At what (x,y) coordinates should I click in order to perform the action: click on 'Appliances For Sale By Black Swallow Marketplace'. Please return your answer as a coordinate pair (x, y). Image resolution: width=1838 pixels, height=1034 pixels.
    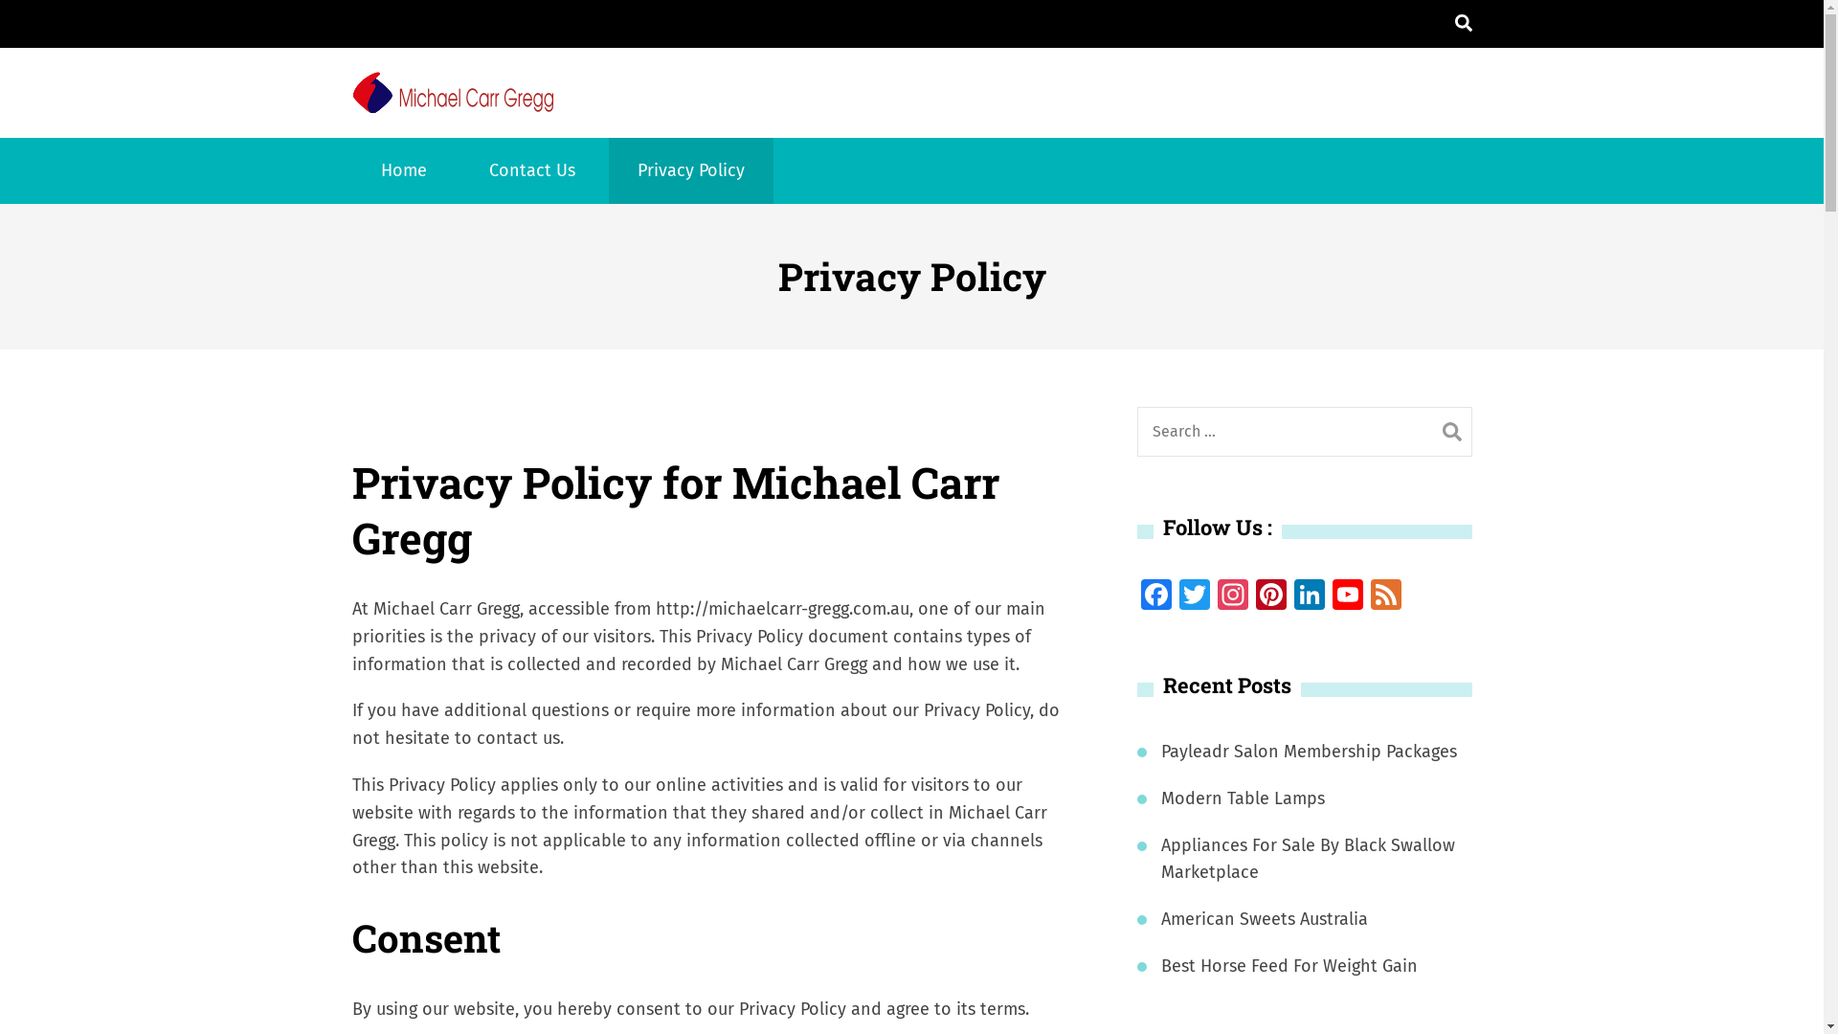
    Looking at the image, I should click on (1314, 859).